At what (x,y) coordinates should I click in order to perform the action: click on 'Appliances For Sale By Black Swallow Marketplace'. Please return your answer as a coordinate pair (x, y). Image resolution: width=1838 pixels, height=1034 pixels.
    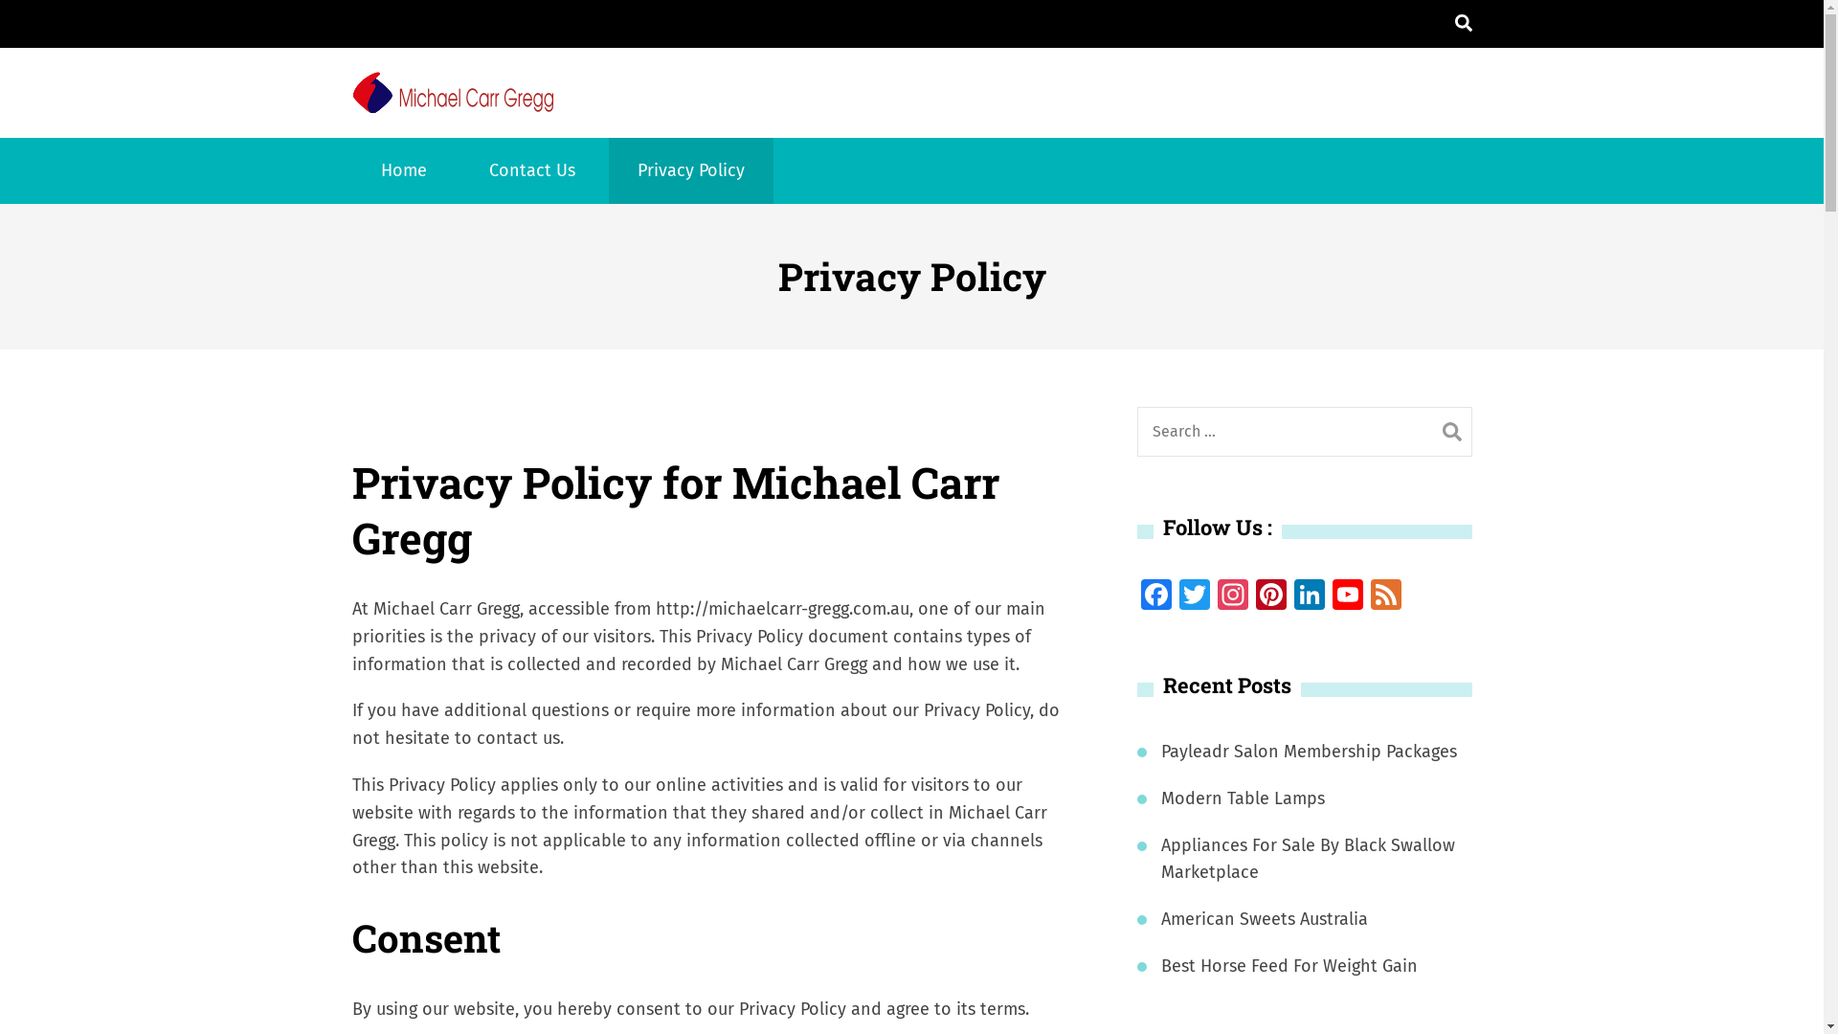
    Looking at the image, I should click on (1314, 859).